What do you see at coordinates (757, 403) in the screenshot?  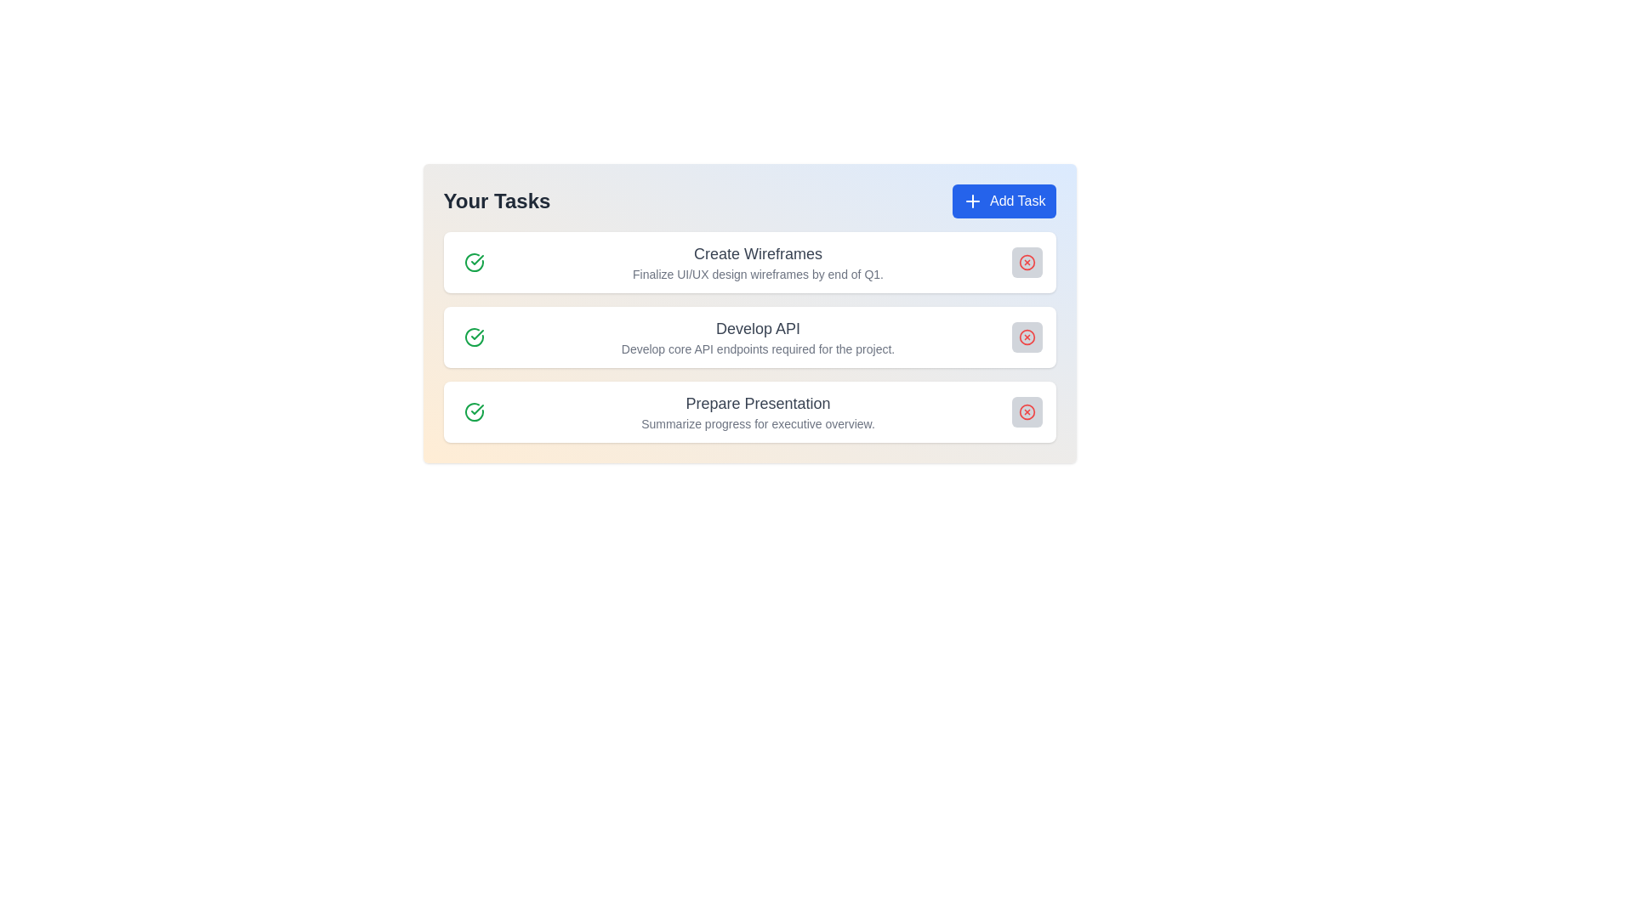 I see `the static text label that serves as the title or identifier for a task within the task management interface, located above the description 'Summarize progress for executive overview.'` at bounding box center [757, 403].